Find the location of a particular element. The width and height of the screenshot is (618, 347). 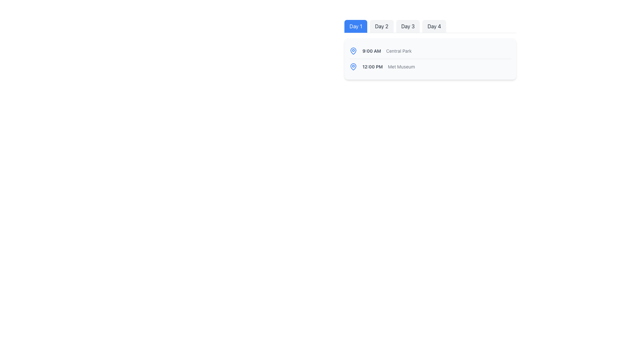

text label displaying 'Central Park', which is styled in a smaller gray font and is part of the daily planner interface is located at coordinates (398, 50).